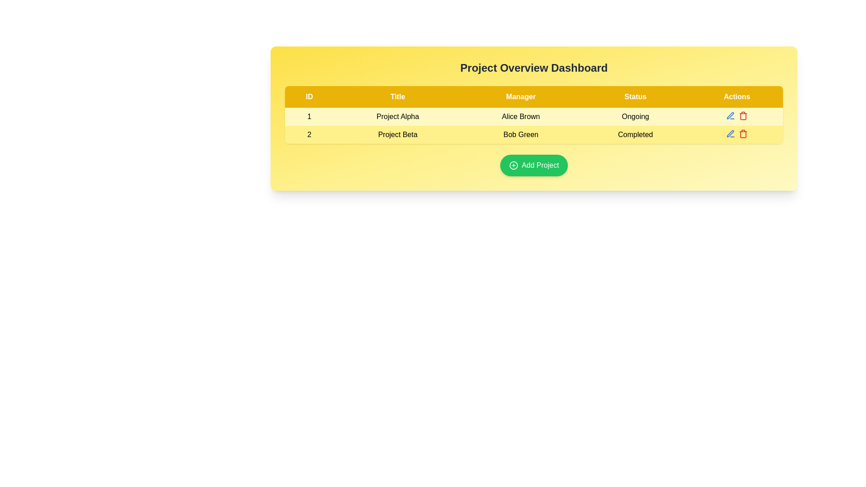 This screenshot has width=866, height=487. I want to click on the 'Add New Project' button located centrally below the table with headers 'ID', 'Title', 'Manager', 'Status', and 'Actions', so click(534, 165).